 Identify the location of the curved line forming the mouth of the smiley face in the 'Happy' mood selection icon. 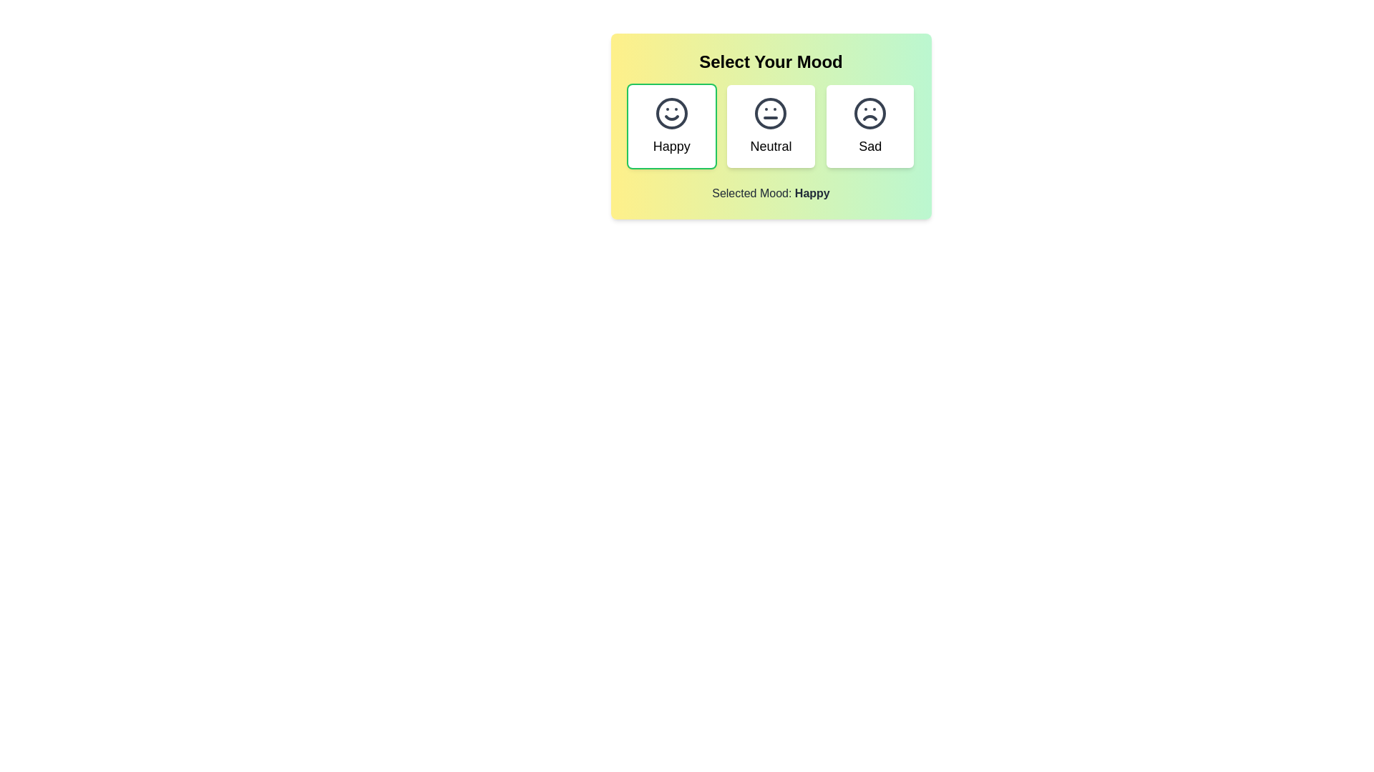
(671, 117).